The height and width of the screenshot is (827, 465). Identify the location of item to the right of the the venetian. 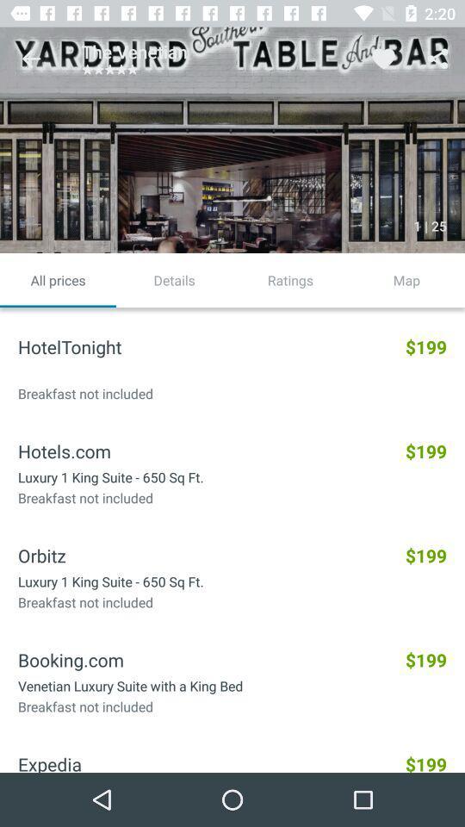
(383, 59).